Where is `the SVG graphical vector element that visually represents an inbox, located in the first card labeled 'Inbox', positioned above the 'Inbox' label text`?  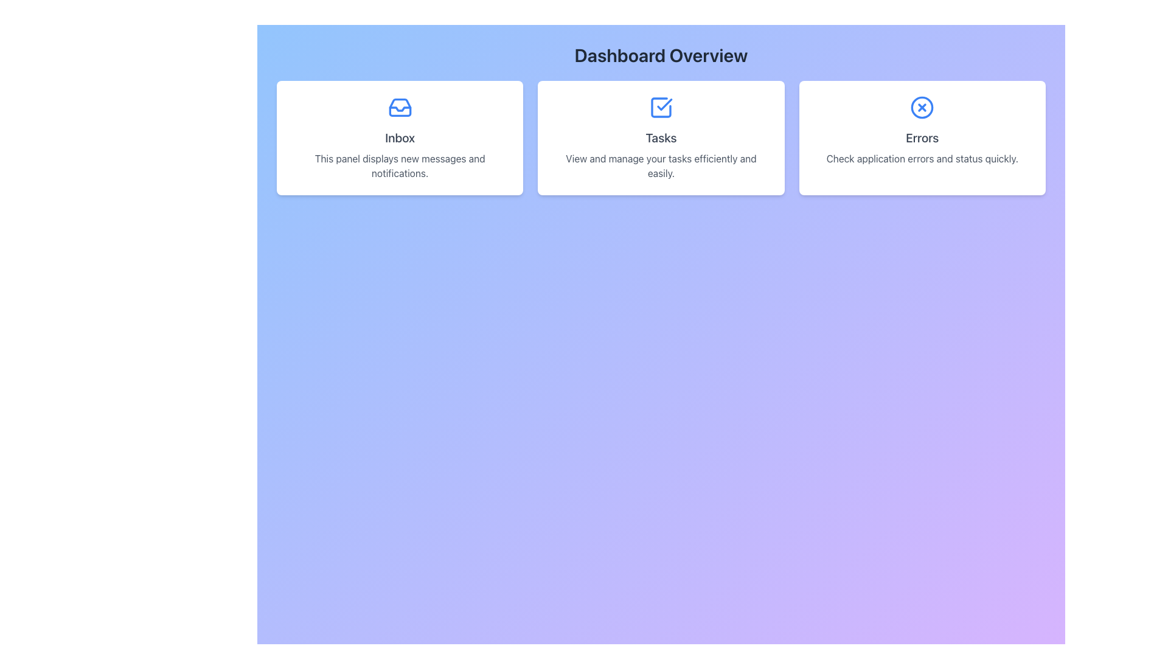 the SVG graphical vector element that visually represents an inbox, located in the first card labeled 'Inbox', positioned above the 'Inbox' label text is located at coordinates (400, 107).